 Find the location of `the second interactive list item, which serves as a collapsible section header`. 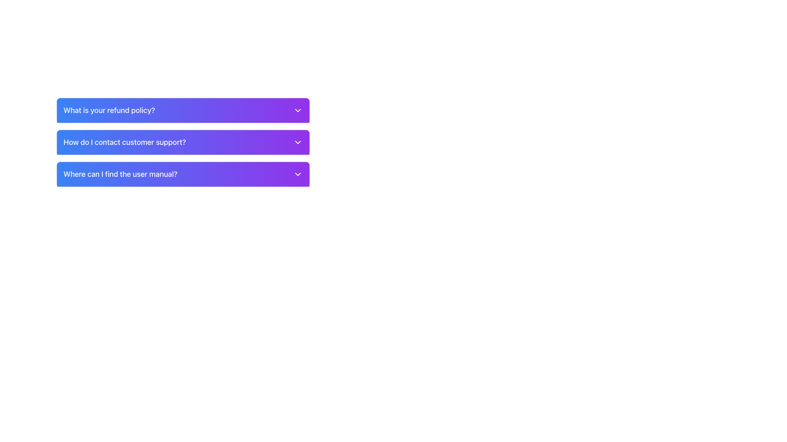

the second interactive list item, which serves as a collapsible section header is located at coordinates (182, 142).